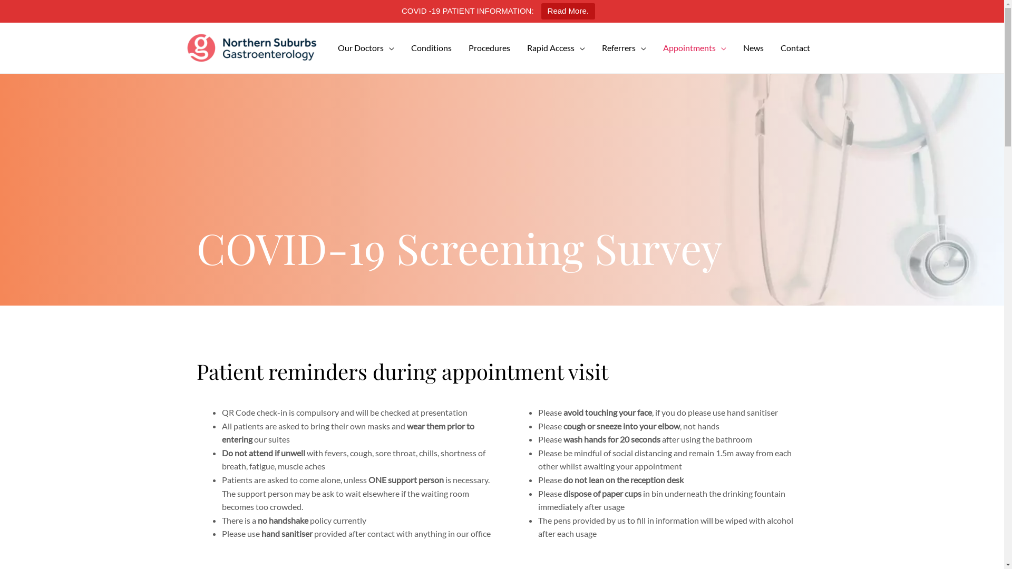  What do you see at coordinates (794, 48) in the screenshot?
I see `'Contact'` at bounding box center [794, 48].